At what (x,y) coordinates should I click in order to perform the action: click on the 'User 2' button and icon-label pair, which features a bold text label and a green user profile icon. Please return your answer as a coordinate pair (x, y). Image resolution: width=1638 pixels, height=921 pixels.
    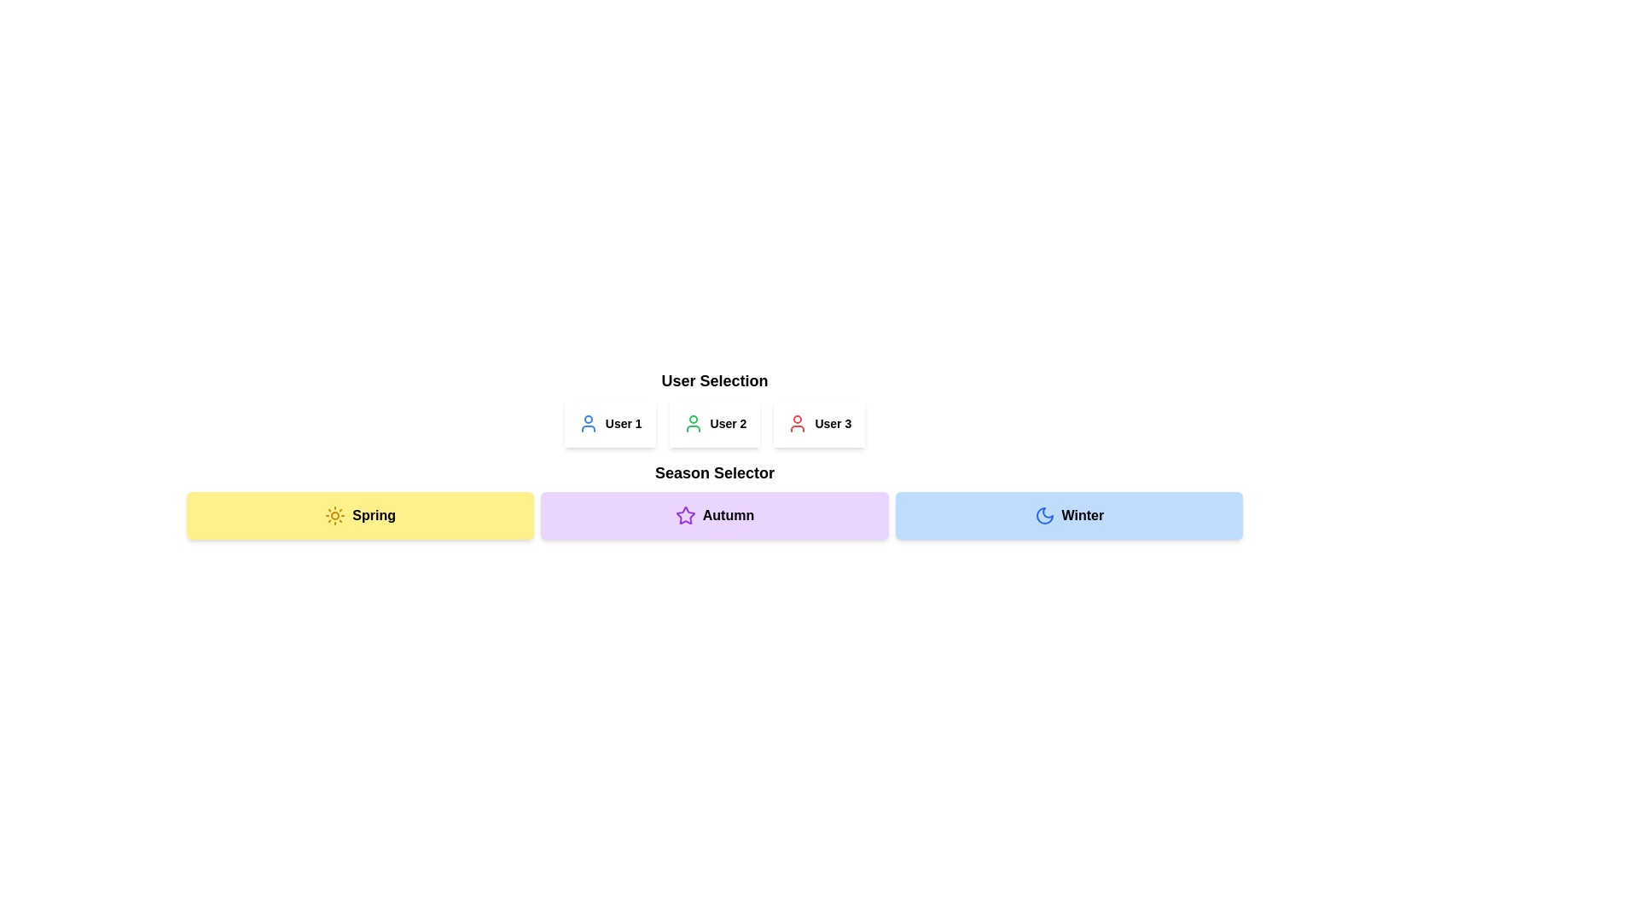
    Looking at the image, I should click on (715, 423).